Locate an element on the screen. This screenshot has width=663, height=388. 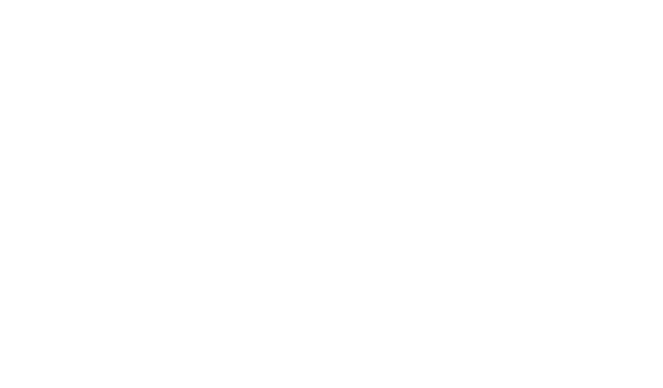
'Didn't understand' is located at coordinates (312, 196).